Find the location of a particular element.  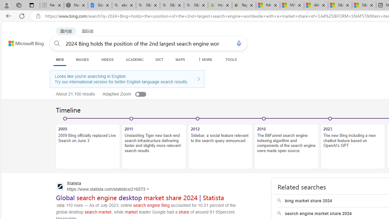

'ACADEMIC' is located at coordinates (134, 59).